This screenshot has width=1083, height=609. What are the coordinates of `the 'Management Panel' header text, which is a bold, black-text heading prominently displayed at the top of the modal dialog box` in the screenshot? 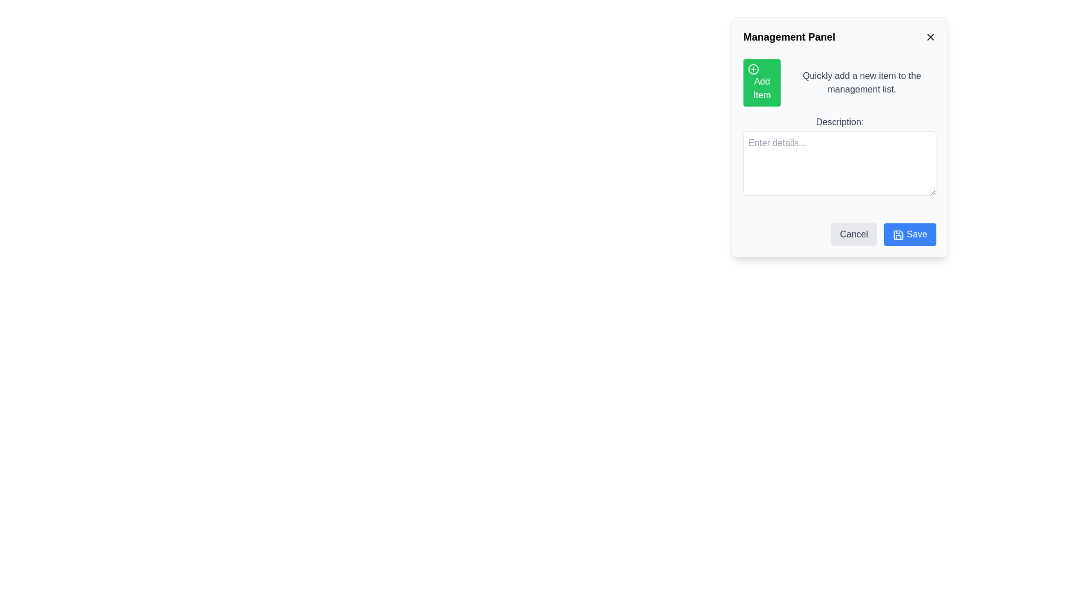 It's located at (789, 36).